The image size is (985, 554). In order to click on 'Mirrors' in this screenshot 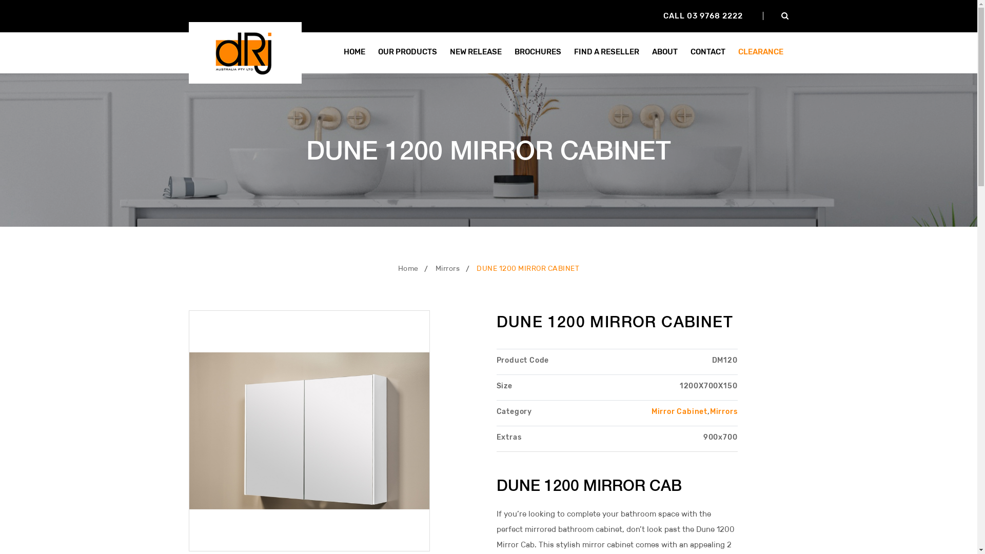, I will do `click(723, 411)`.